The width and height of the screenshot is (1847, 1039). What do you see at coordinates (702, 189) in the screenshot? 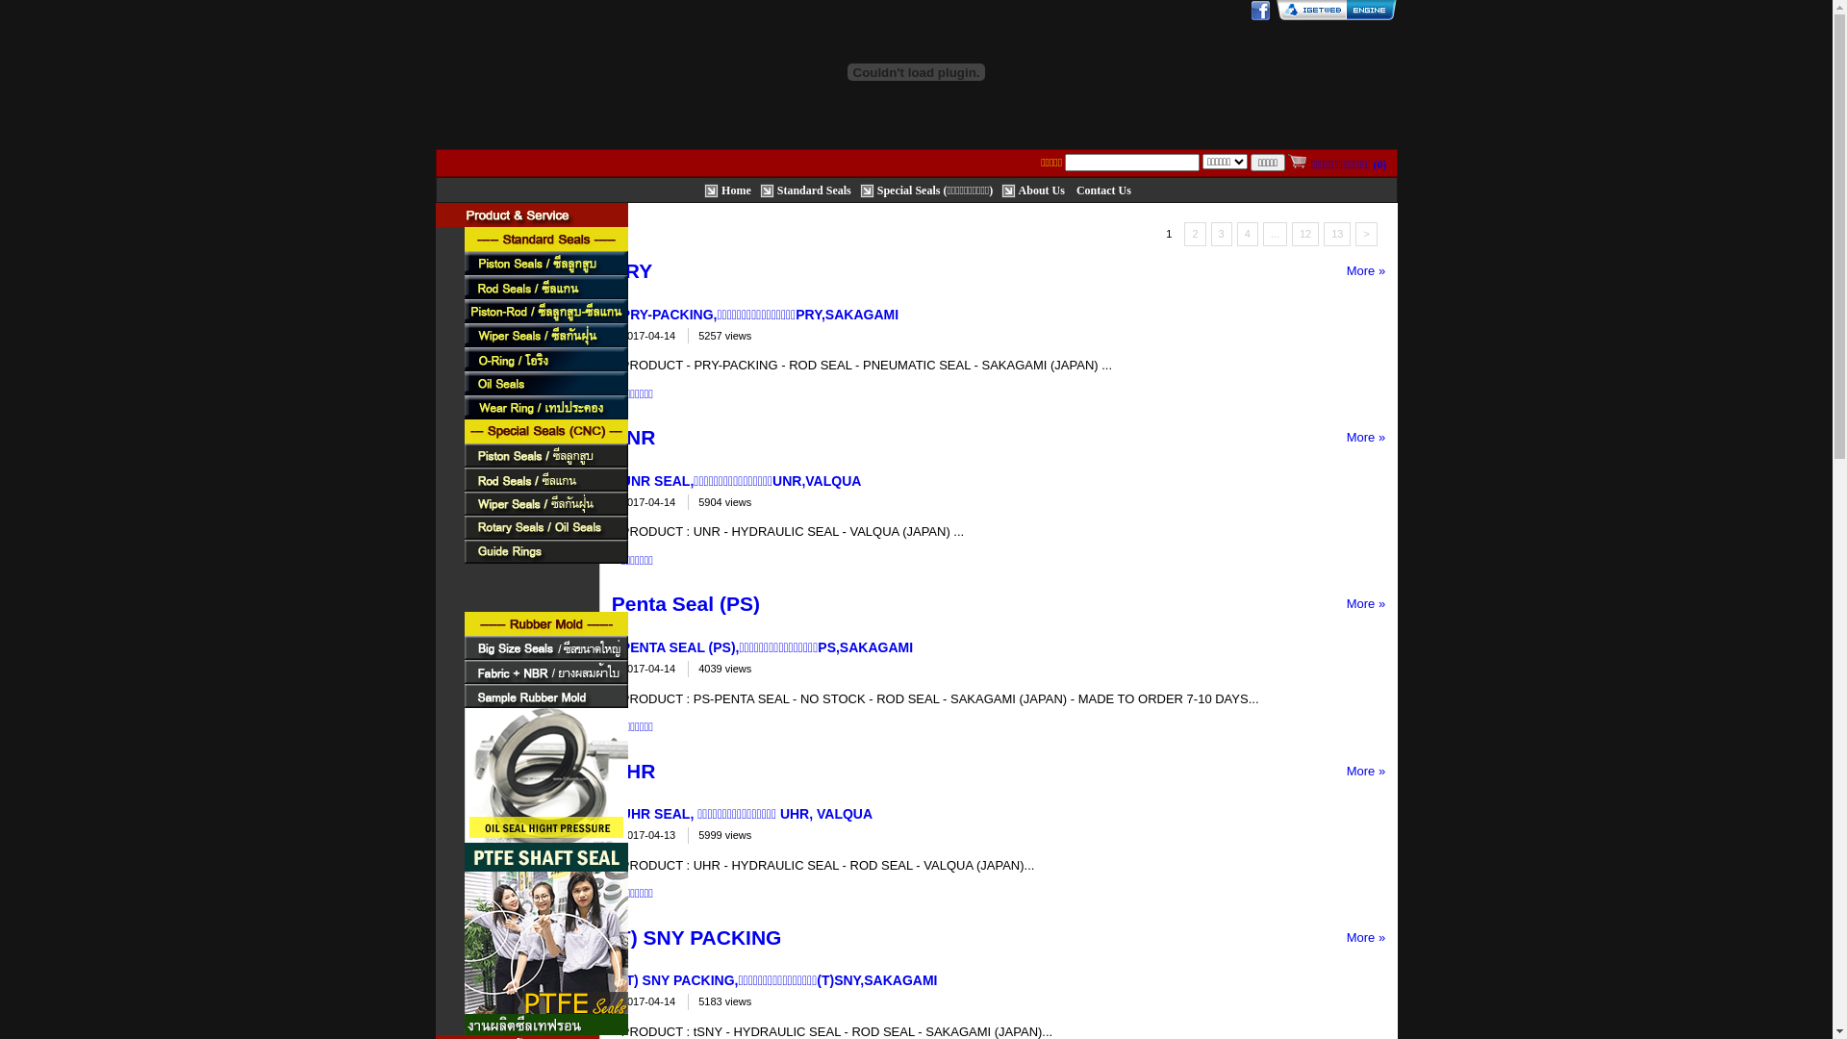
I see `' Home '` at bounding box center [702, 189].